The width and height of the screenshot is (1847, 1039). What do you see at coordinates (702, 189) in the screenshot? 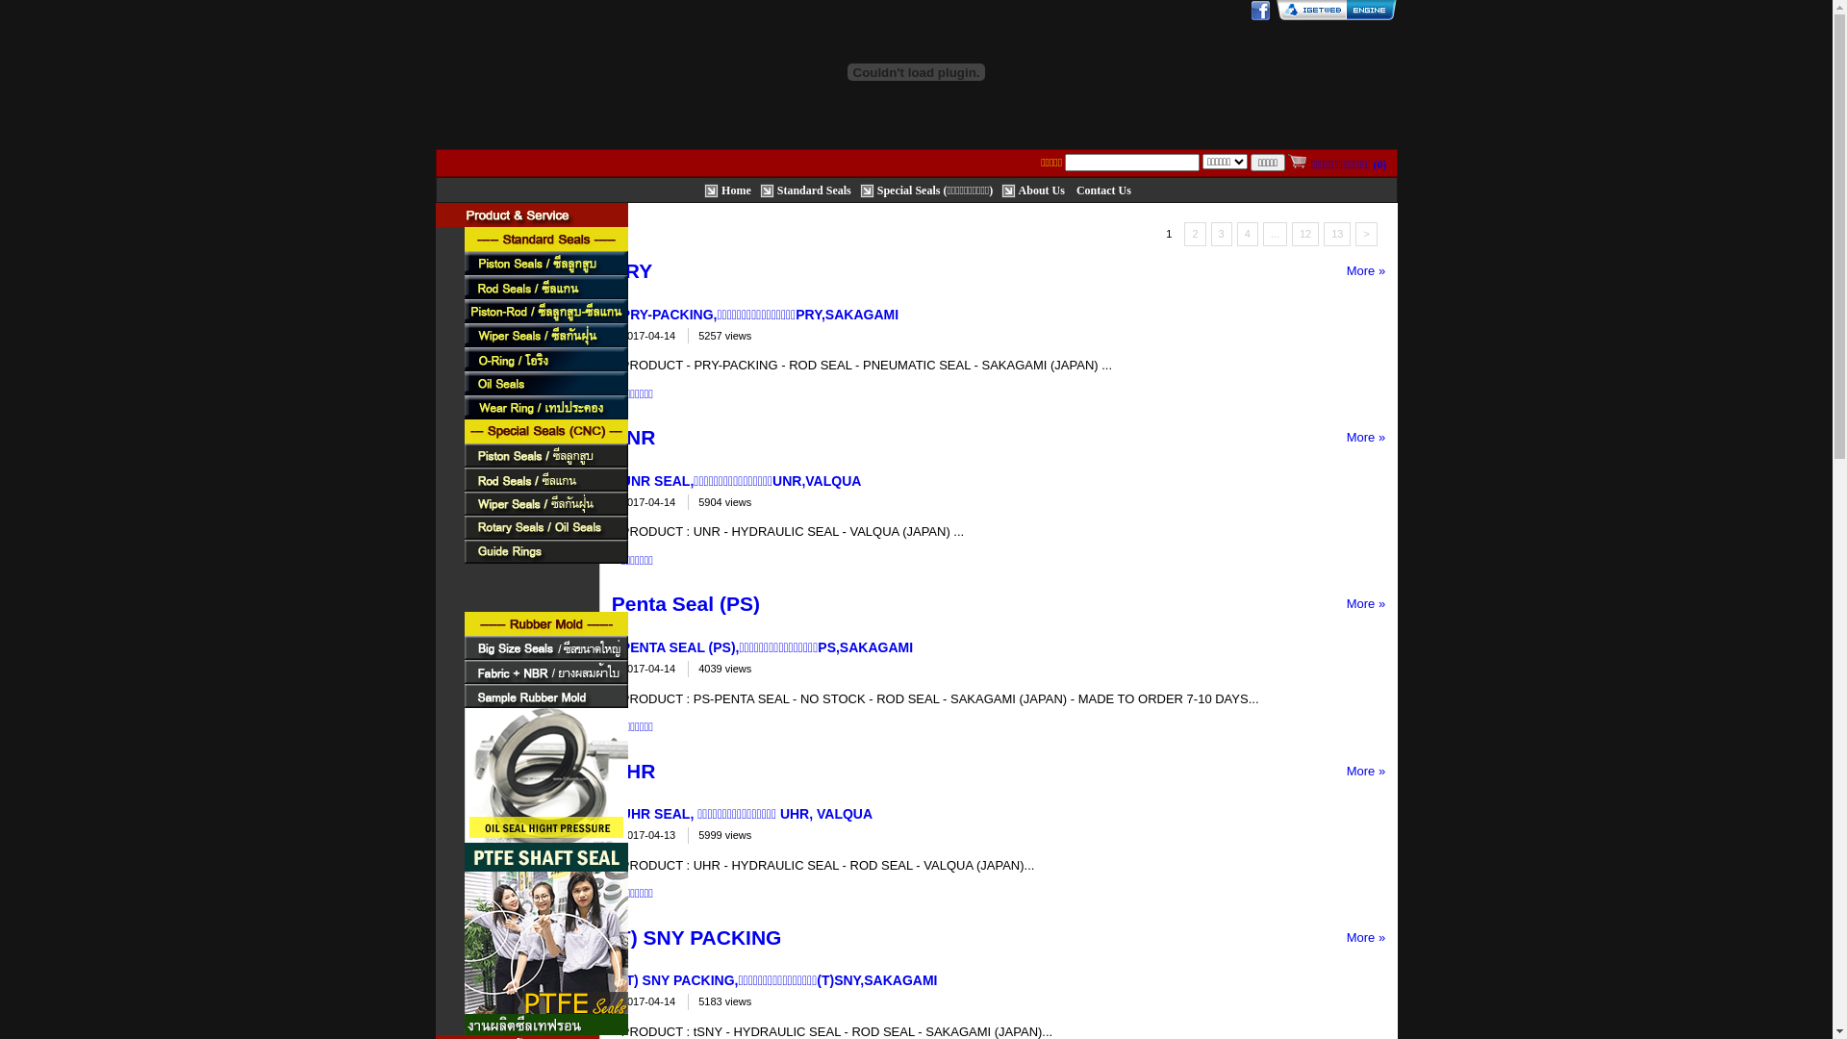
I see `' Home '` at bounding box center [702, 189].